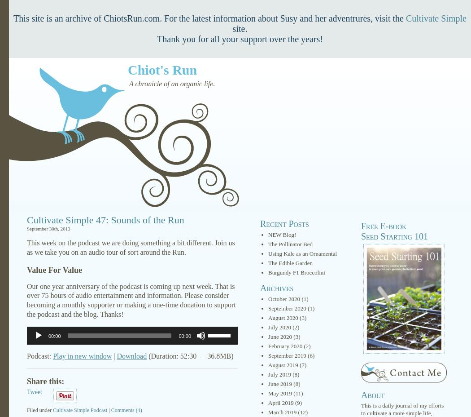 Image resolution: width=471 pixels, height=417 pixels. Describe the element at coordinates (162, 70) in the screenshot. I see `'Chiot's Run'` at that location.